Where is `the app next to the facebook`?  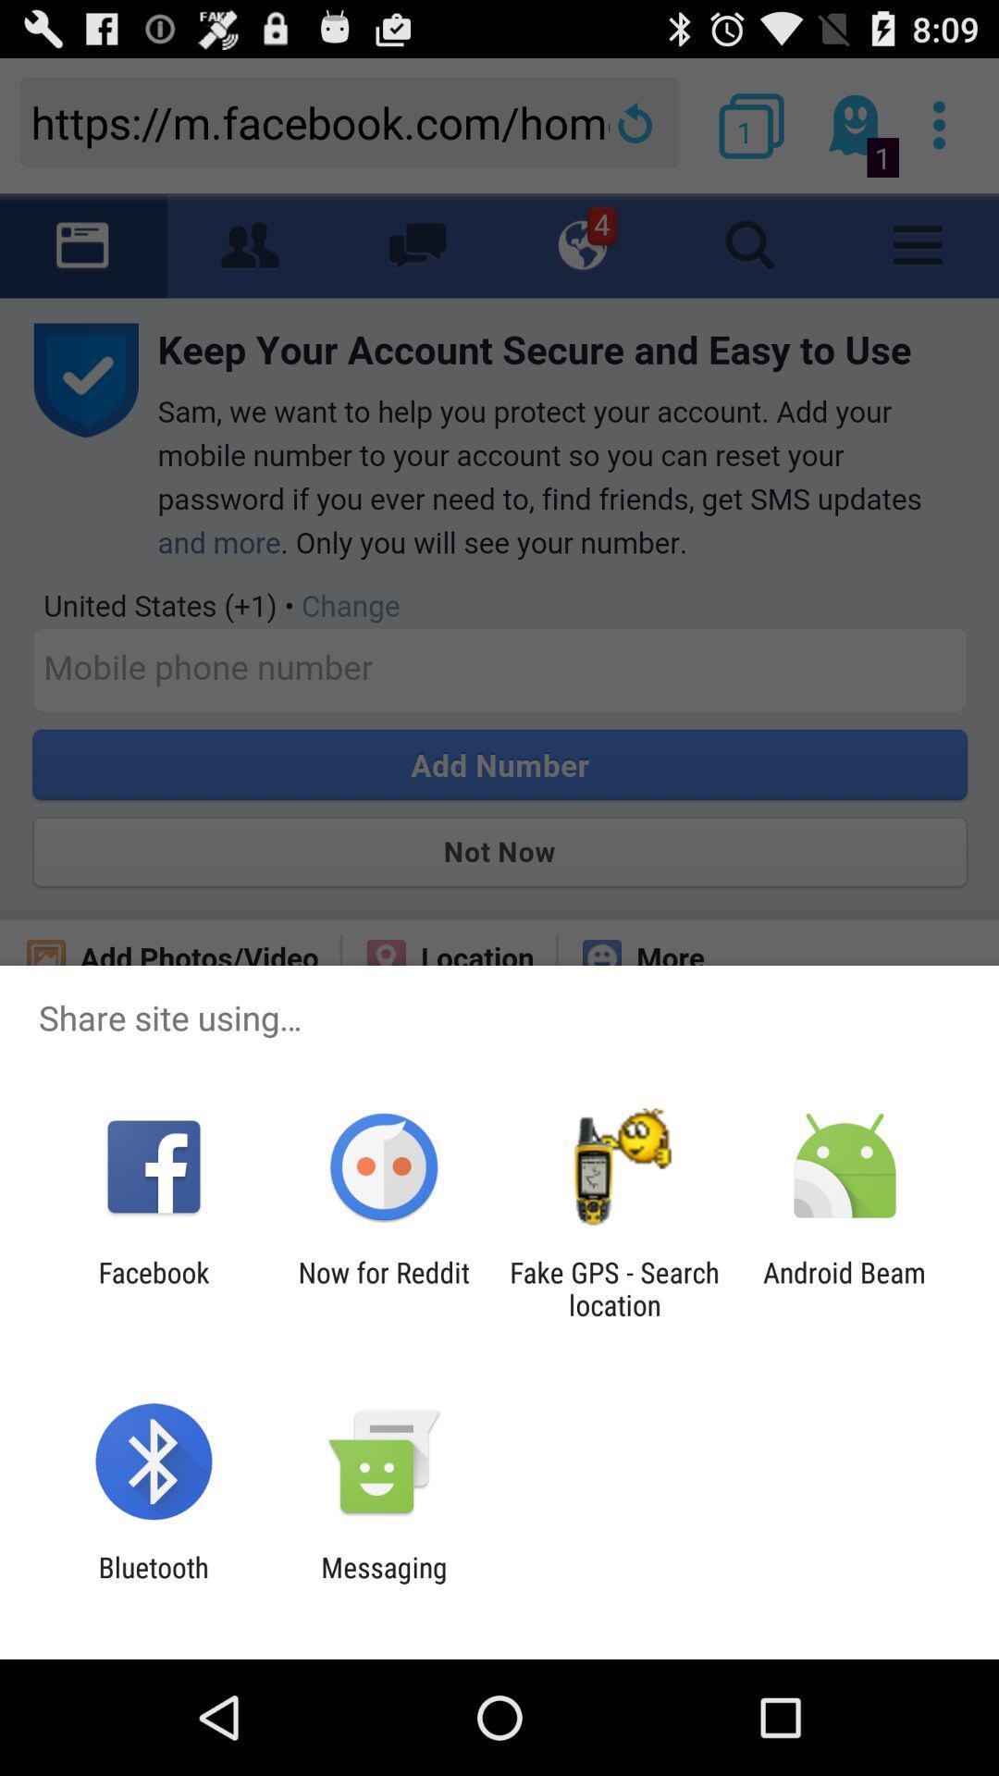 the app next to the facebook is located at coordinates (383, 1288).